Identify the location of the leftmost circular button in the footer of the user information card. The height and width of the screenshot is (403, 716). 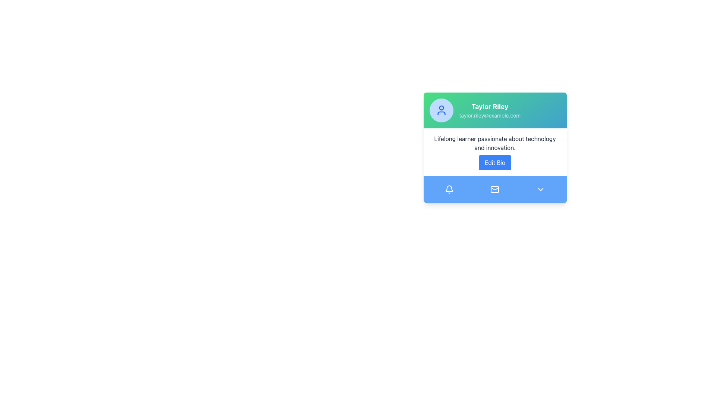
(449, 189).